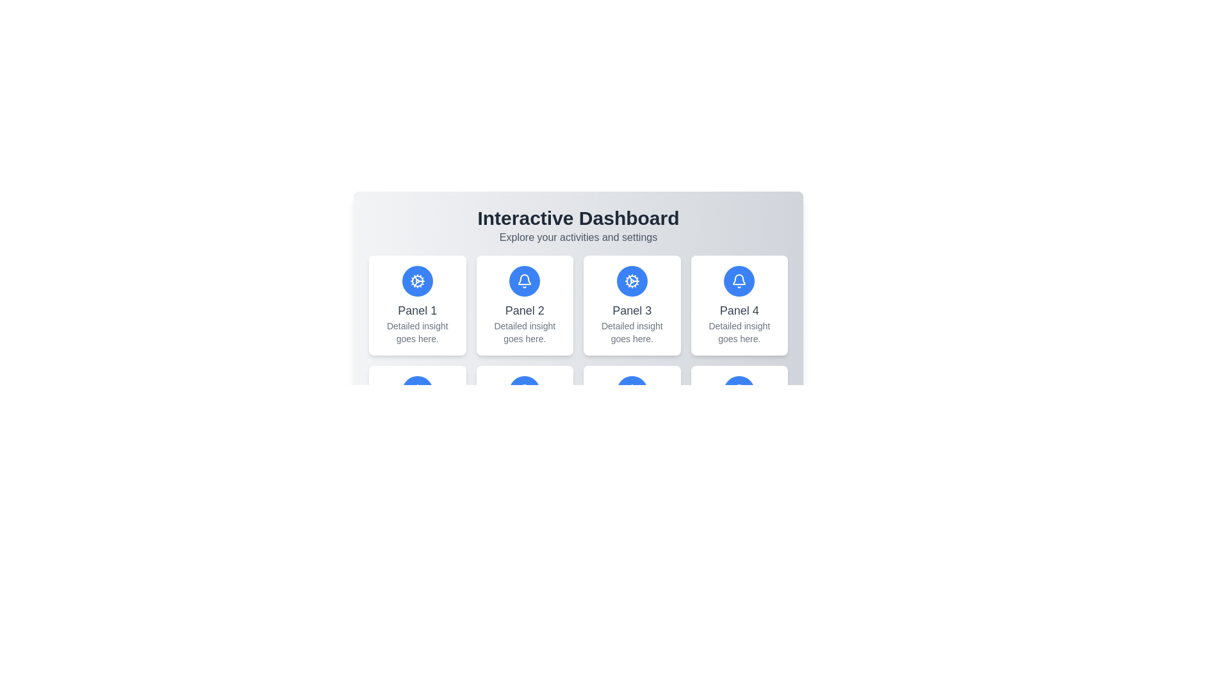 Image resolution: width=1230 pixels, height=692 pixels. Describe the element at coordinates (632, 281) in the screenshot. I see `the settings button located in the center of the top row of panel cards in the dashboard, directly above the 'Panel 3' label` at that location.